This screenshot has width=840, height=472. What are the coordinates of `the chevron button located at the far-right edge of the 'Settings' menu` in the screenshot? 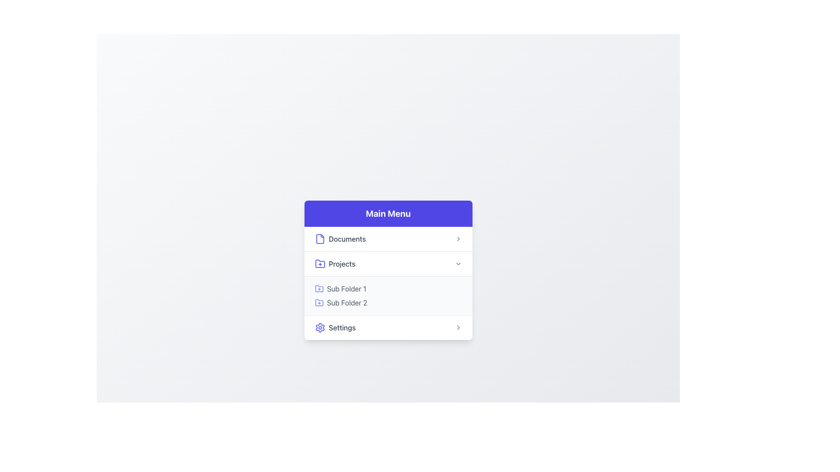 It's located at (458, 327).